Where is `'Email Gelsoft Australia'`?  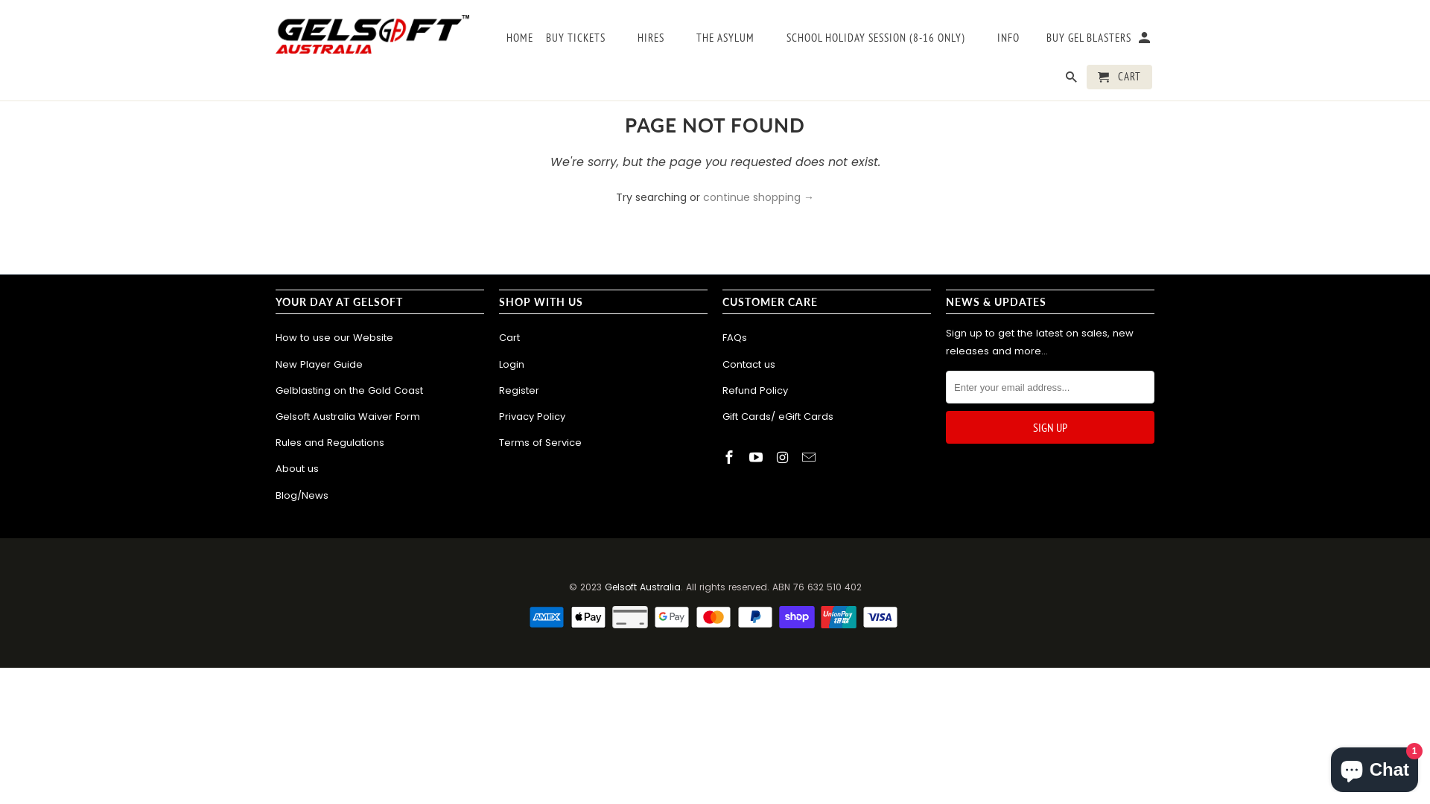
'Email Gelsoft Australia' is located at coordinates (810, 456).